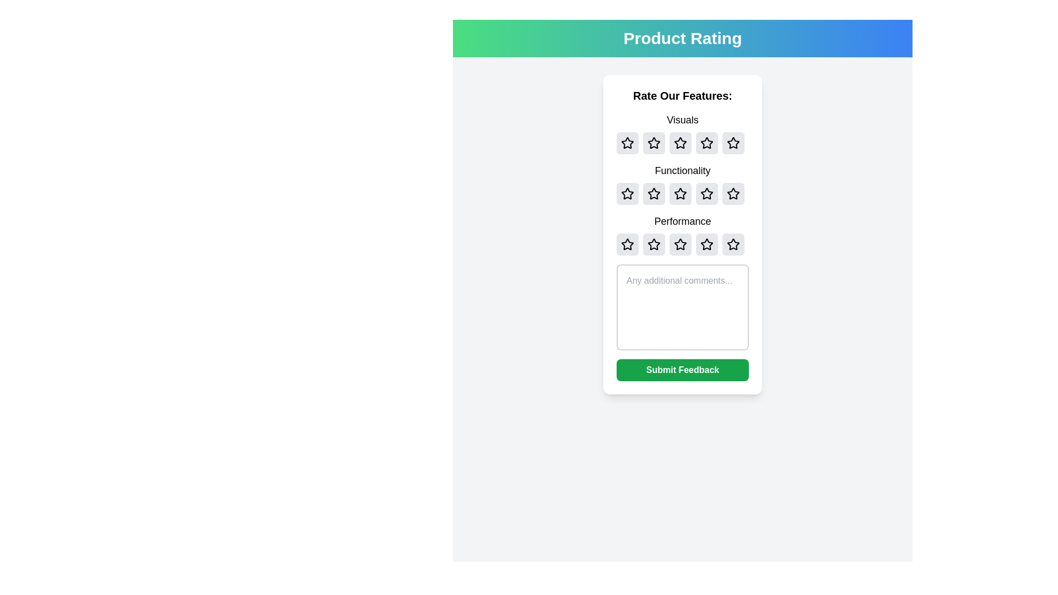 This screenshot has height=595, width=1058. Describe the element at coordinates (682, 133) in the screenshot. I see `the third star button in the 'Visuals' rating row to assign a rating of 3 out of 5` at that location.